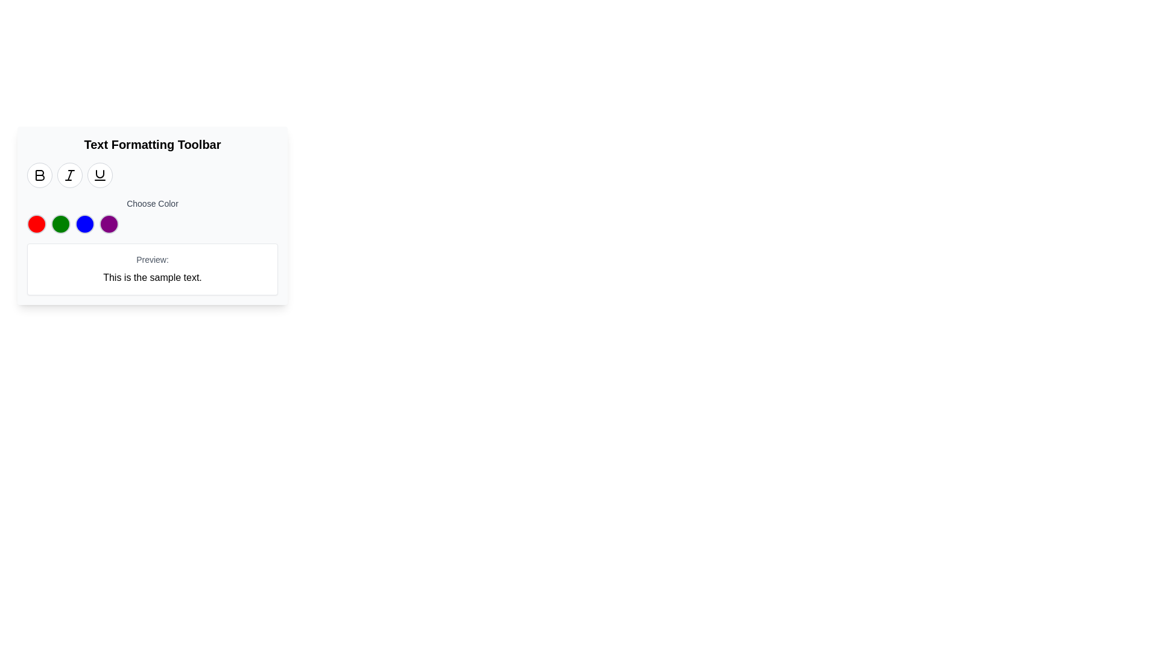  Describe the element at coordinates (152, 259) in the screenshot. I see `the static text label that reads 'Preview:' which is styled in light gray with a small font size, located above the text 'This is the sample text.'` at that location.